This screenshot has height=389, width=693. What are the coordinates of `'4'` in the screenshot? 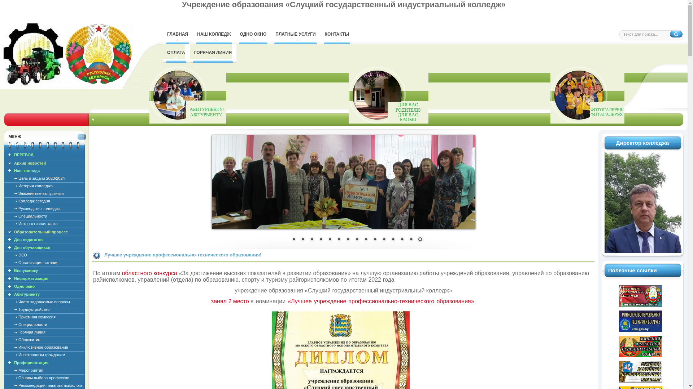 It's located at (317, 240).